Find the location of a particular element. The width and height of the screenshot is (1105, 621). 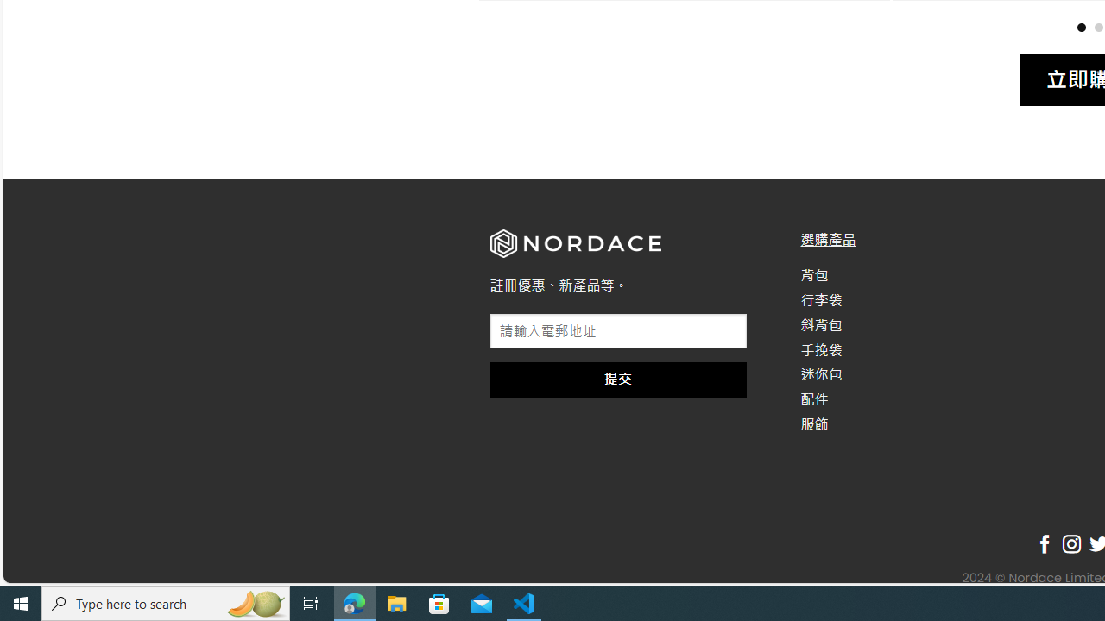

'Page dot 2' is located at coordinates (1097, 27).